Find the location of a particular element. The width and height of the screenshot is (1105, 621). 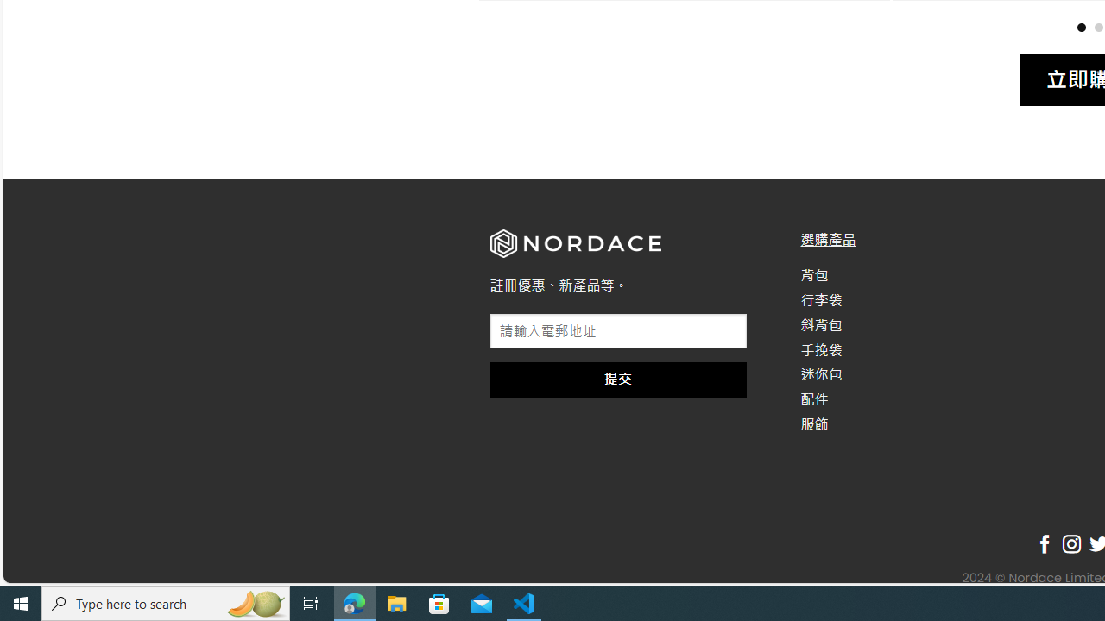

'Page dot 2' is located at coordinates (1097, 27).